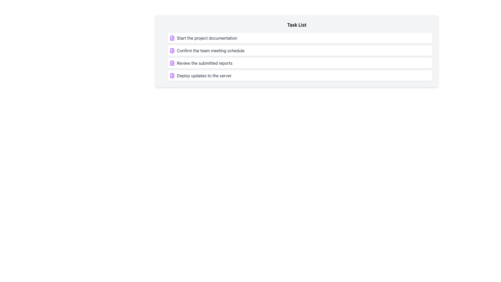 This screenshot has height=282, width=501. I want to click on the file icon located to the left of the text 'Deploy updates to the server', which is the fourth icon, so click(172, 75).